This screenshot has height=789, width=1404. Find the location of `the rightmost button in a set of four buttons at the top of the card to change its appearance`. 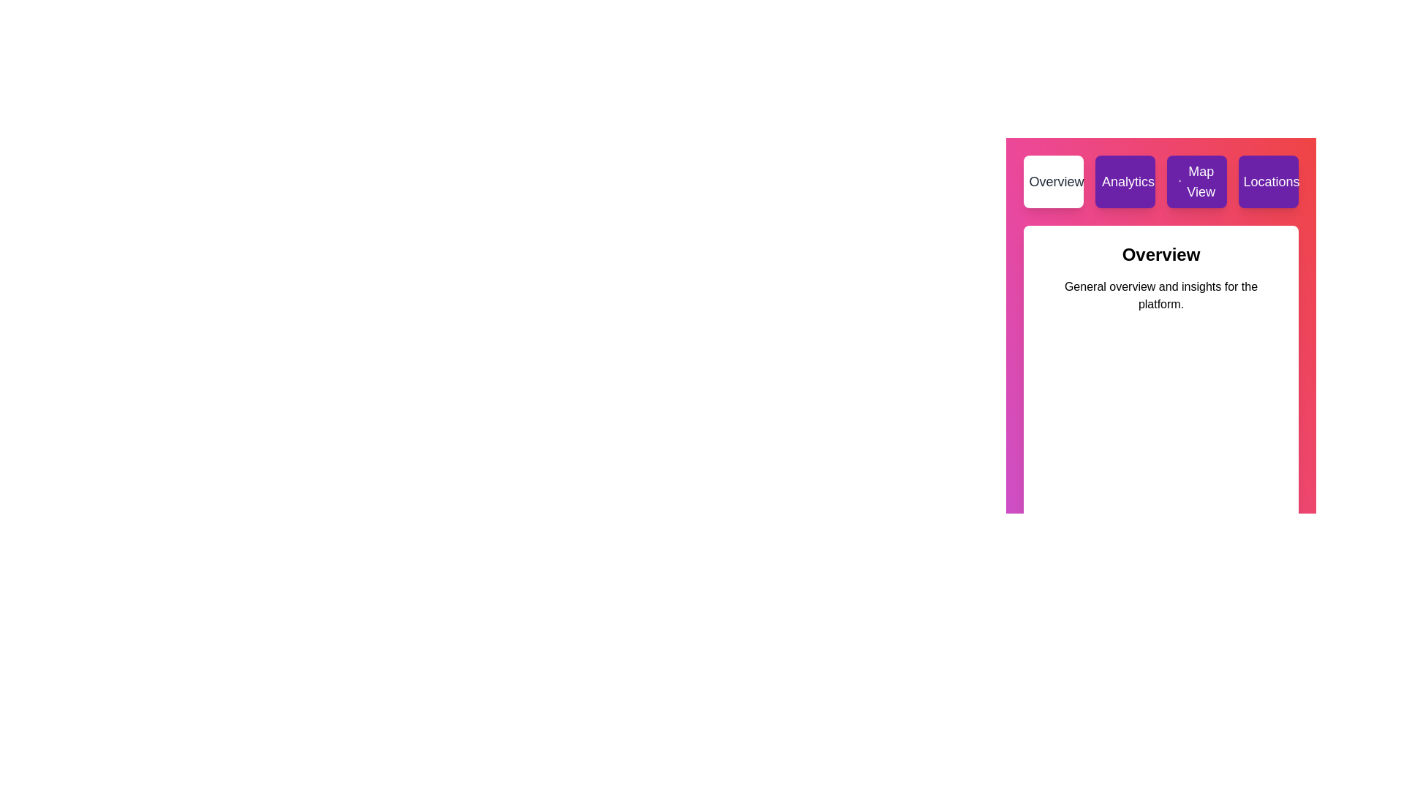

the rightmost button in a set of four buttons at the top of the card to change its appearance is located at coordinates (1267, 181).